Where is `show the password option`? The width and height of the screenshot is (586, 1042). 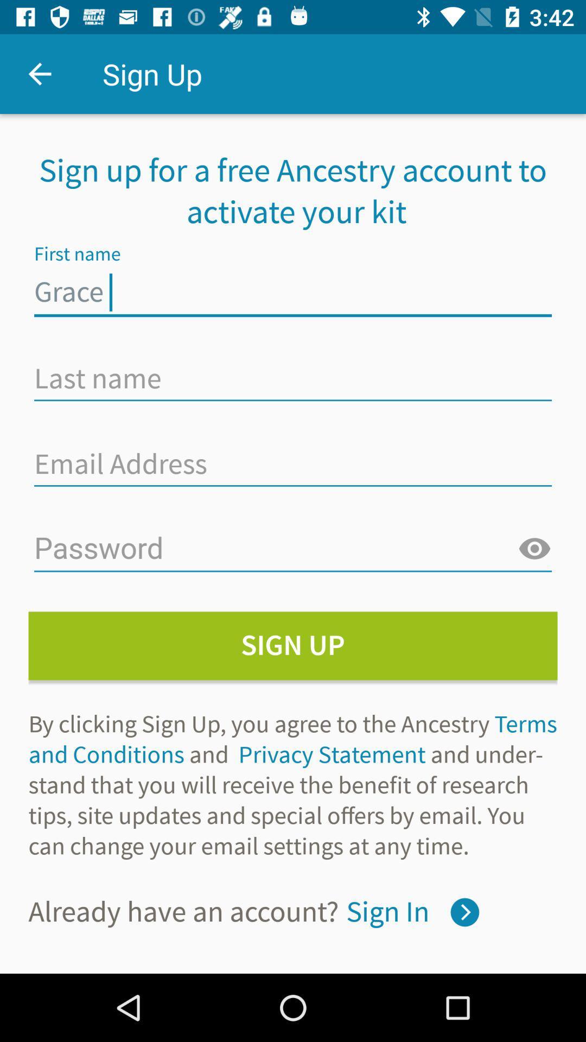
show the password option is located at coordinates (534, 549).